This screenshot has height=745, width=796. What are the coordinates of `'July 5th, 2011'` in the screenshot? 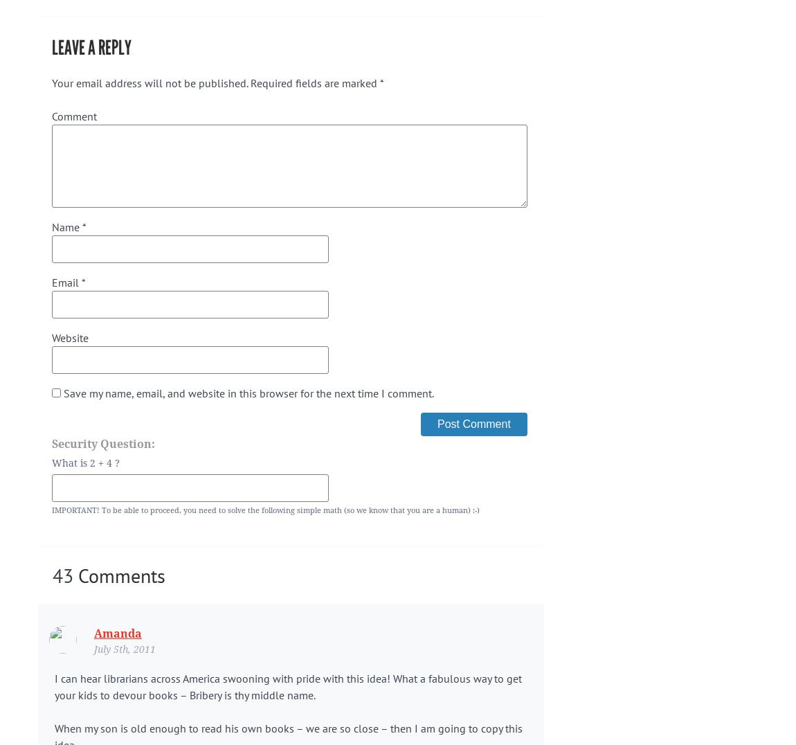 It's located at (93, 647).